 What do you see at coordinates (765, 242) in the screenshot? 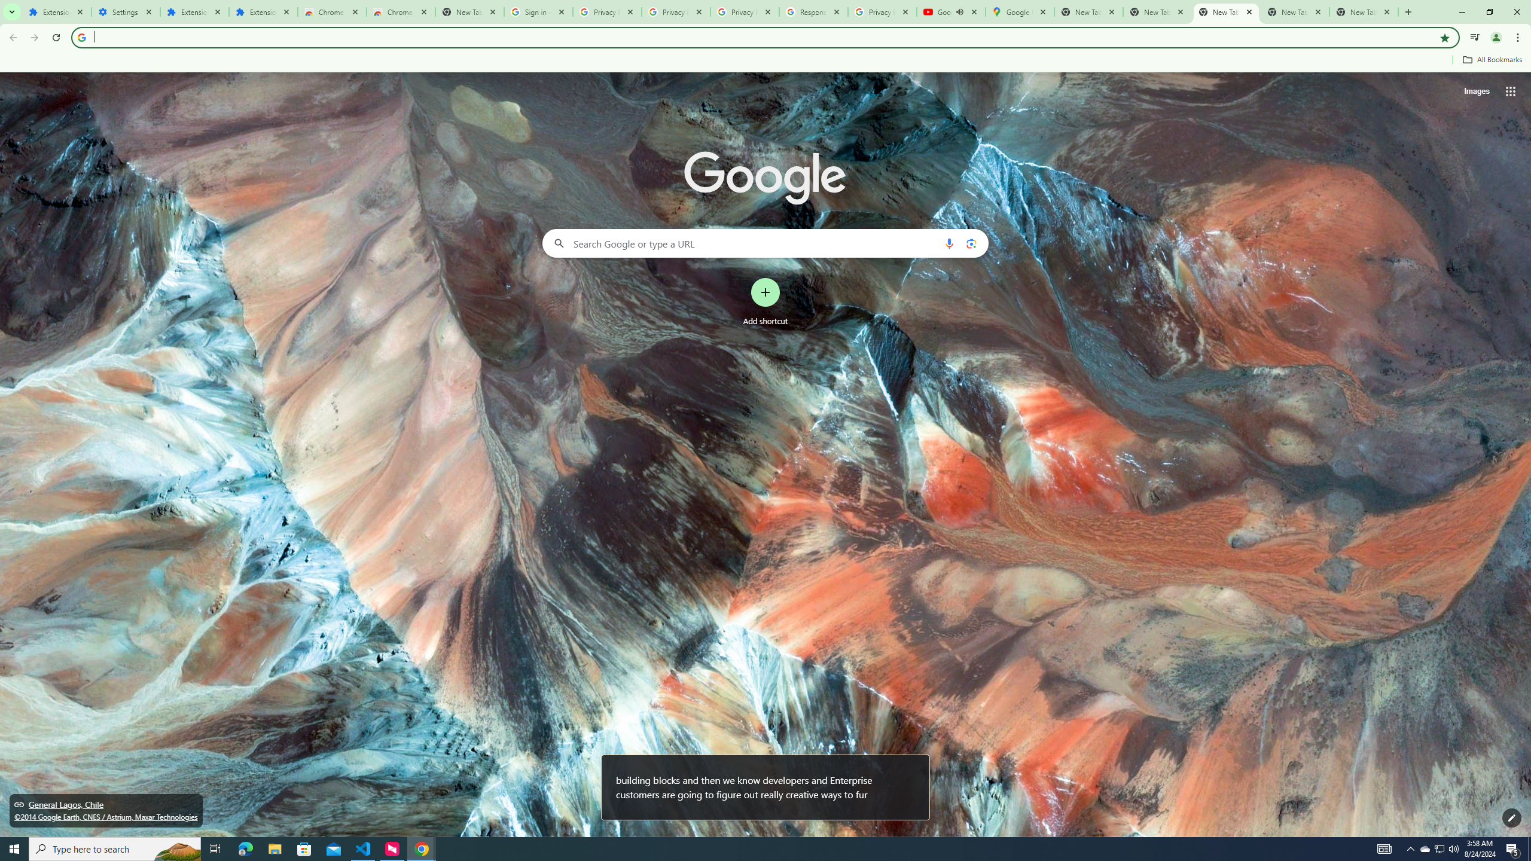
I see `'Search Google or type a URL'` at bounding box center [765, 242].